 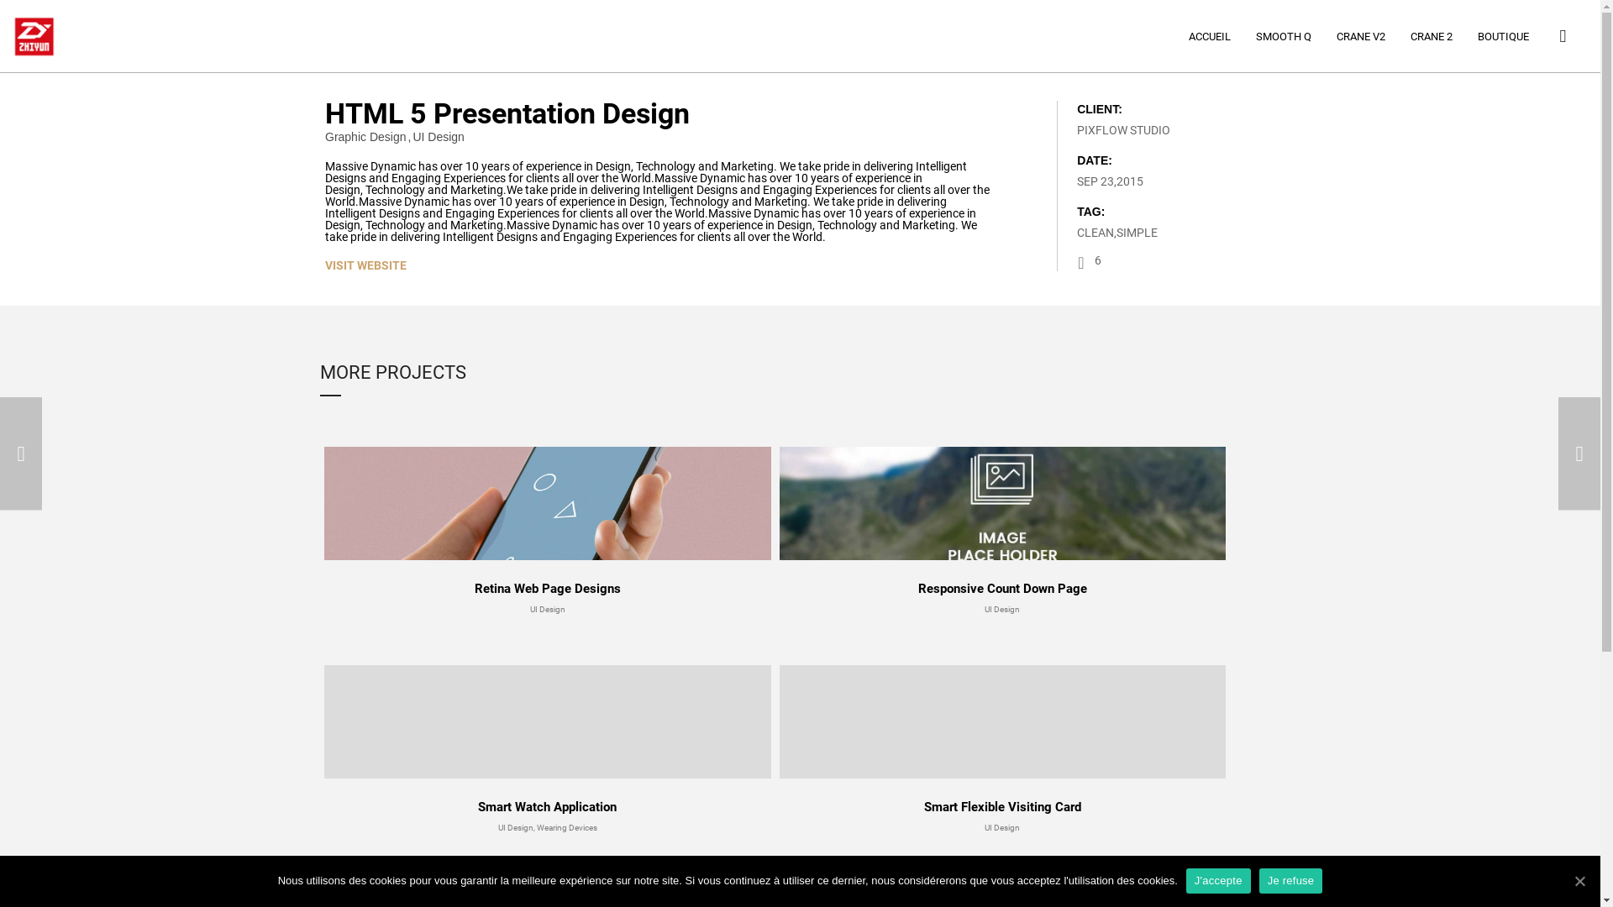 I want to click on 'J'accepte', so click(x=1218, y=880).